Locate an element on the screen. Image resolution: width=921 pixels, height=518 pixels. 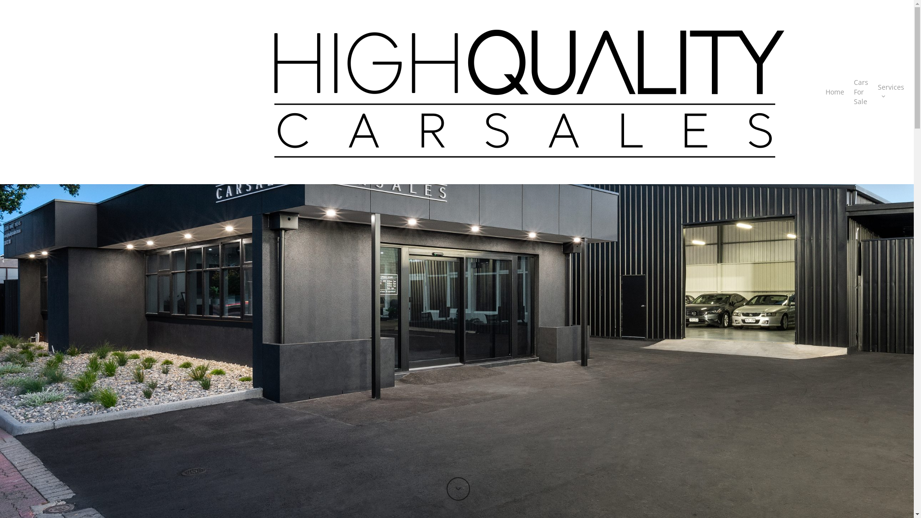
'Cars For Sale' is located at coordinates (854, 92).